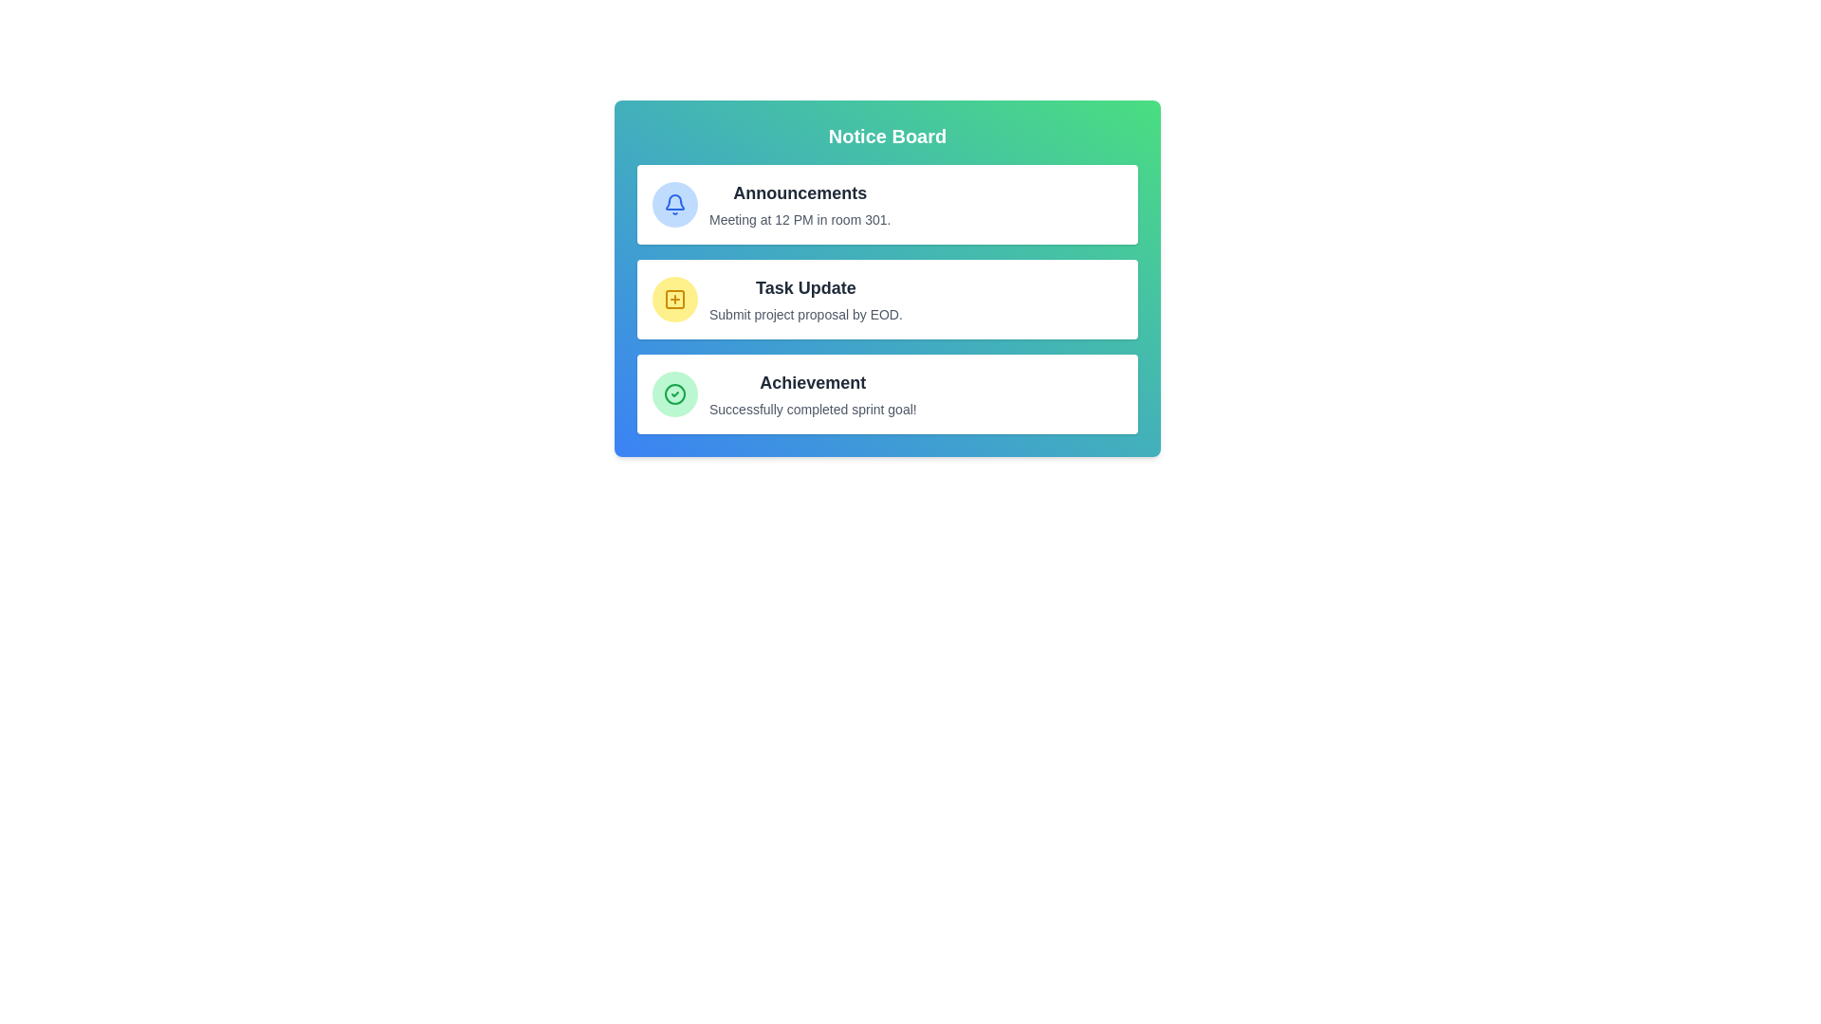 Image resolution: width=1821 pixels, height=1024 pixels. I want to click on the message item Task Update, so click(887, 299).